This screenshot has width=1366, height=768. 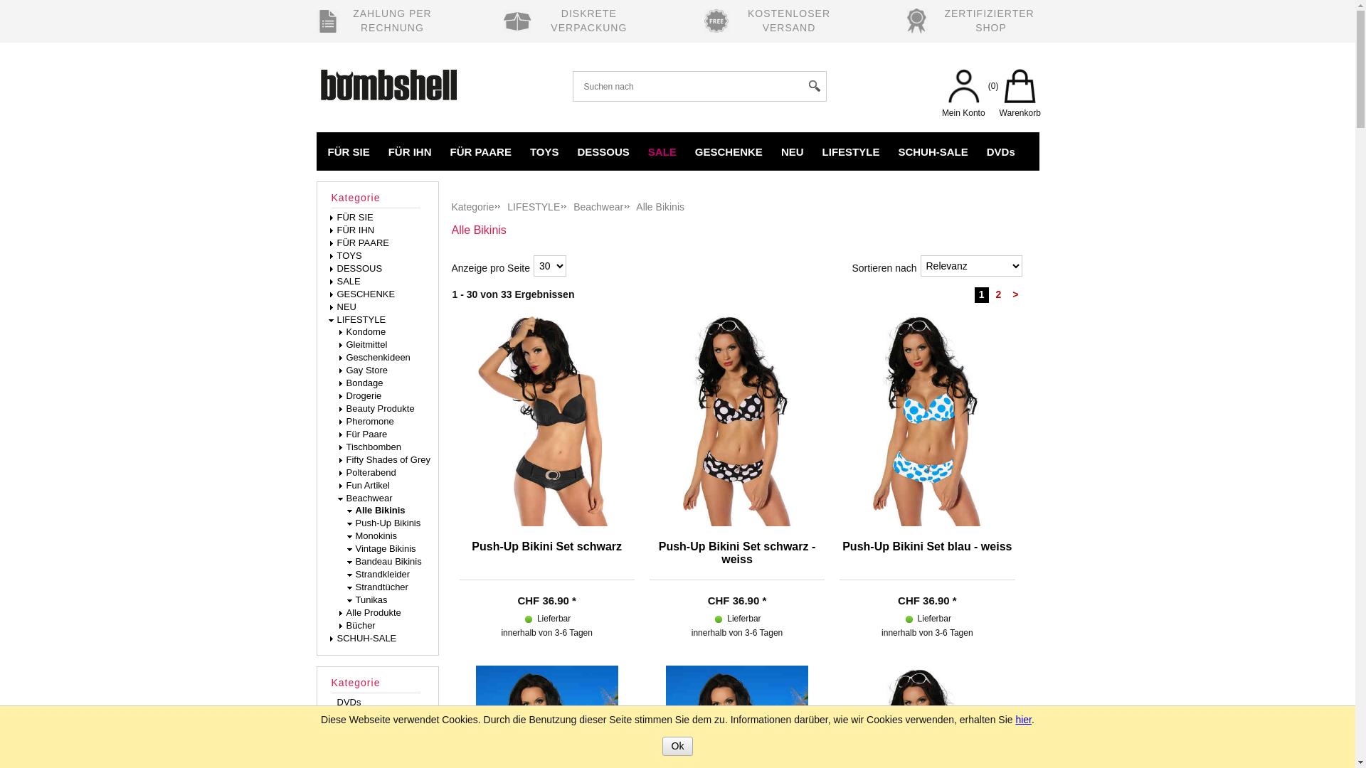 What do you see at coordinates (1020, 100) in the screenshot?
I see `'Warenkorb'` at bounding box center [1020, 100].